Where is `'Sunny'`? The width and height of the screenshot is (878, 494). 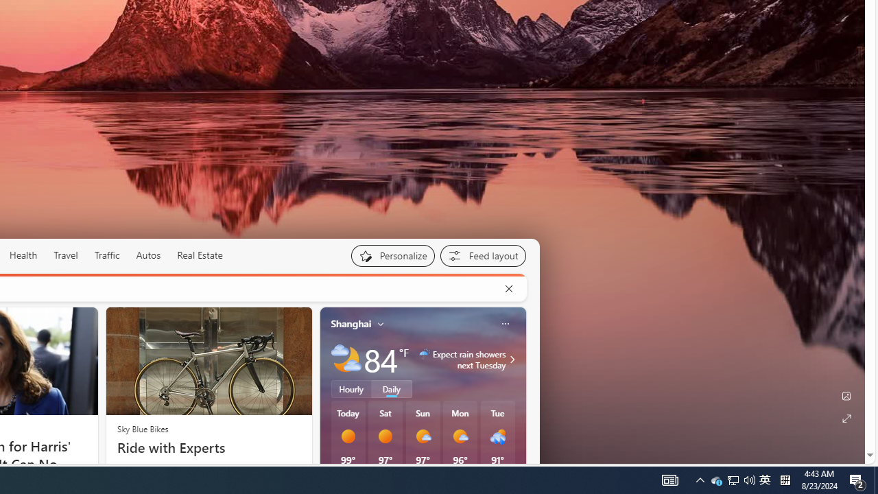
'Sunny' is located at coordinates (384, 436).